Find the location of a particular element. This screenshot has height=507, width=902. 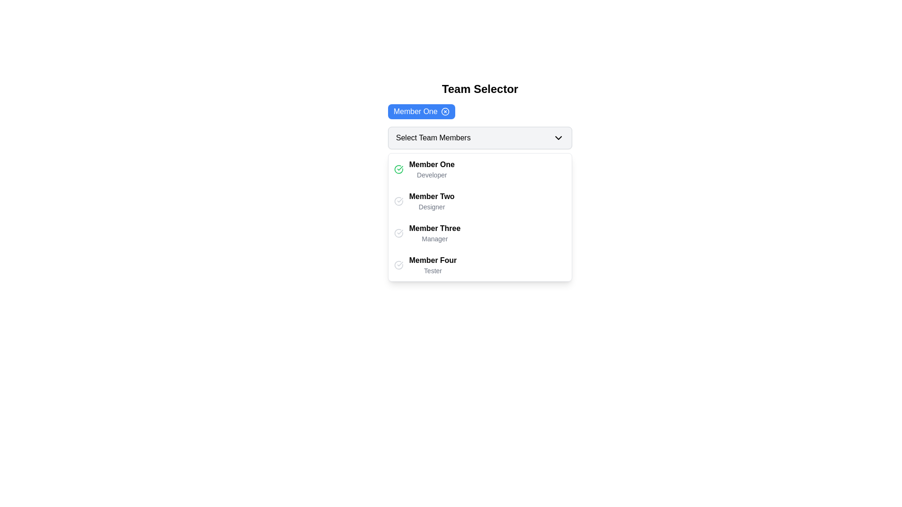

the selection state indicated by the first circular icon in the dropdown list next to 'Member One' is located at coordinates (399, 169).